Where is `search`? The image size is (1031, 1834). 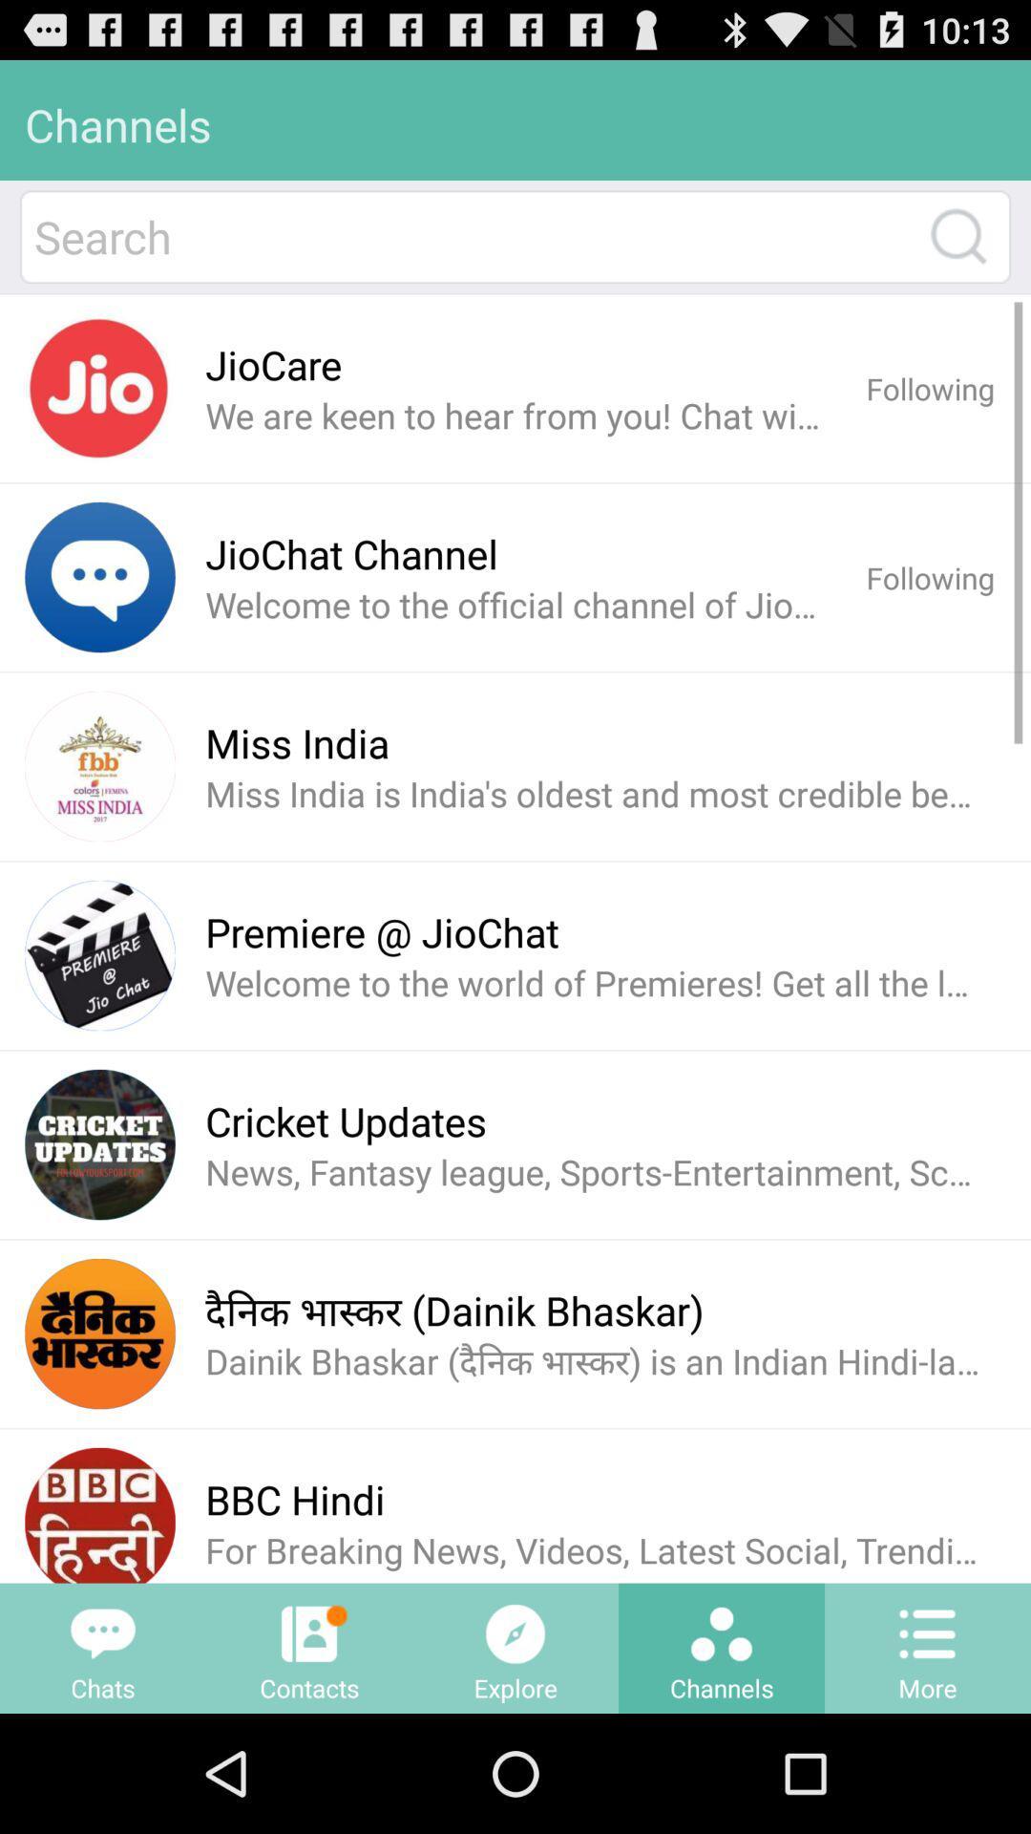 search is located at coordinates (958, 235).